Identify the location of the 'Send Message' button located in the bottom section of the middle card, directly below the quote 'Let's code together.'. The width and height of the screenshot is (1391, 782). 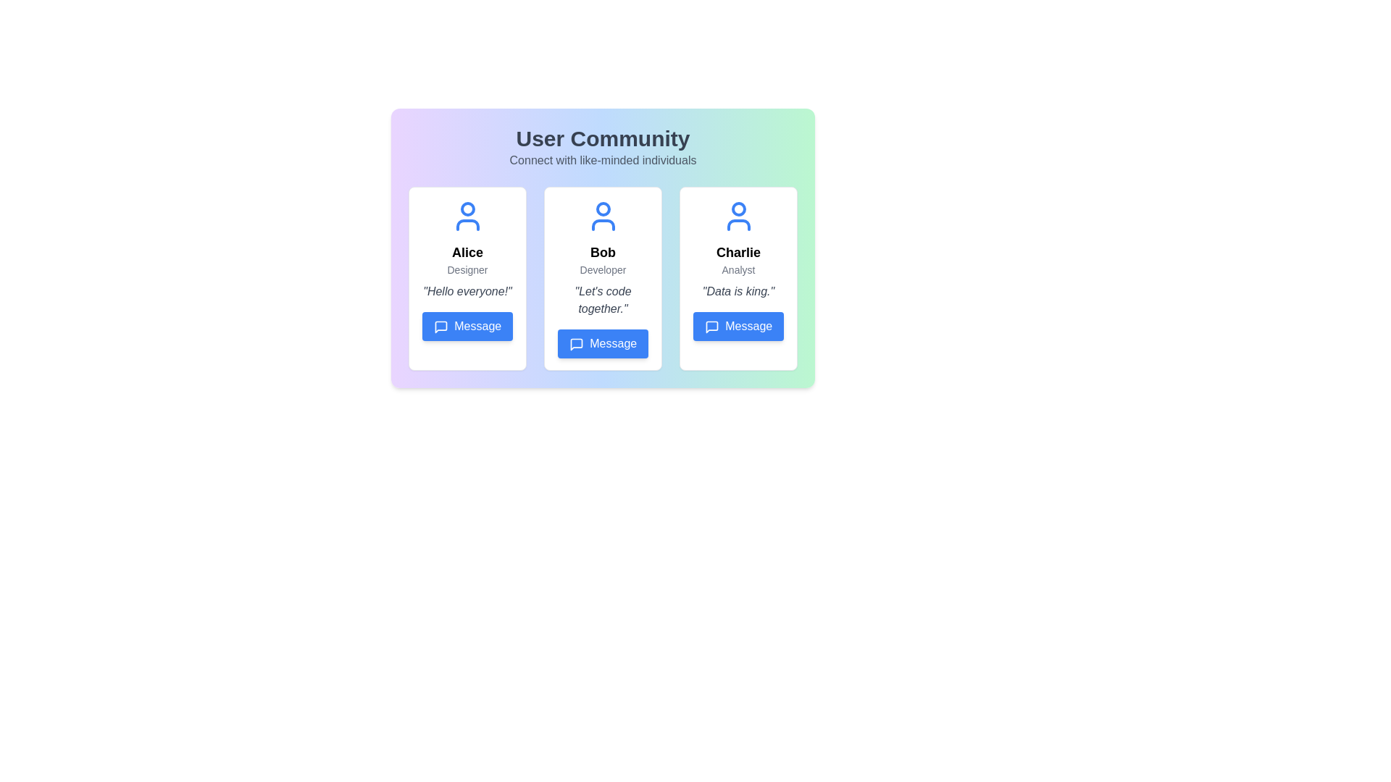
(603, 343).